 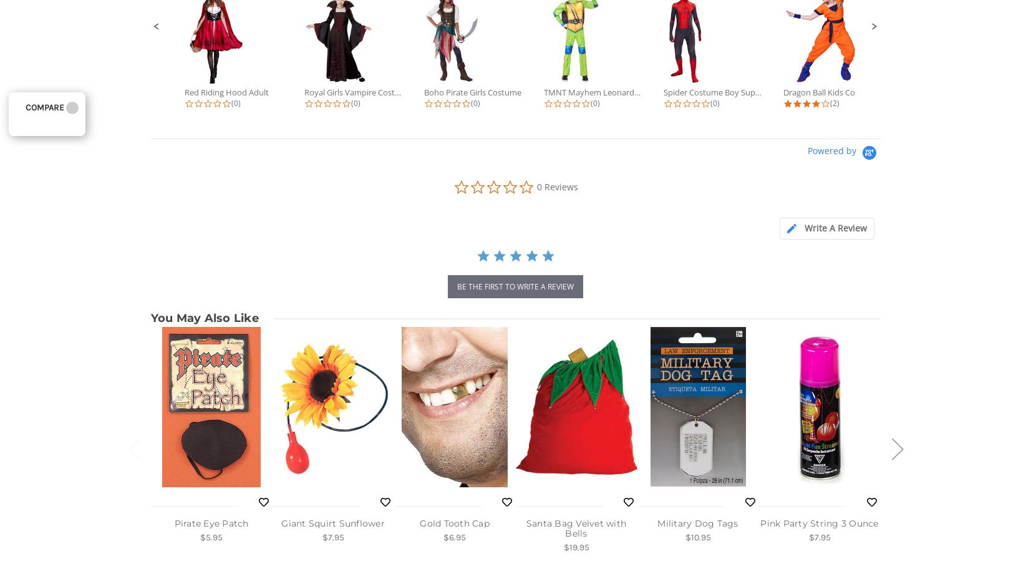 What do you see at coordinates (954, 102) in the screenshot?
I see `'(1)'` at bounding box center [954, 102].